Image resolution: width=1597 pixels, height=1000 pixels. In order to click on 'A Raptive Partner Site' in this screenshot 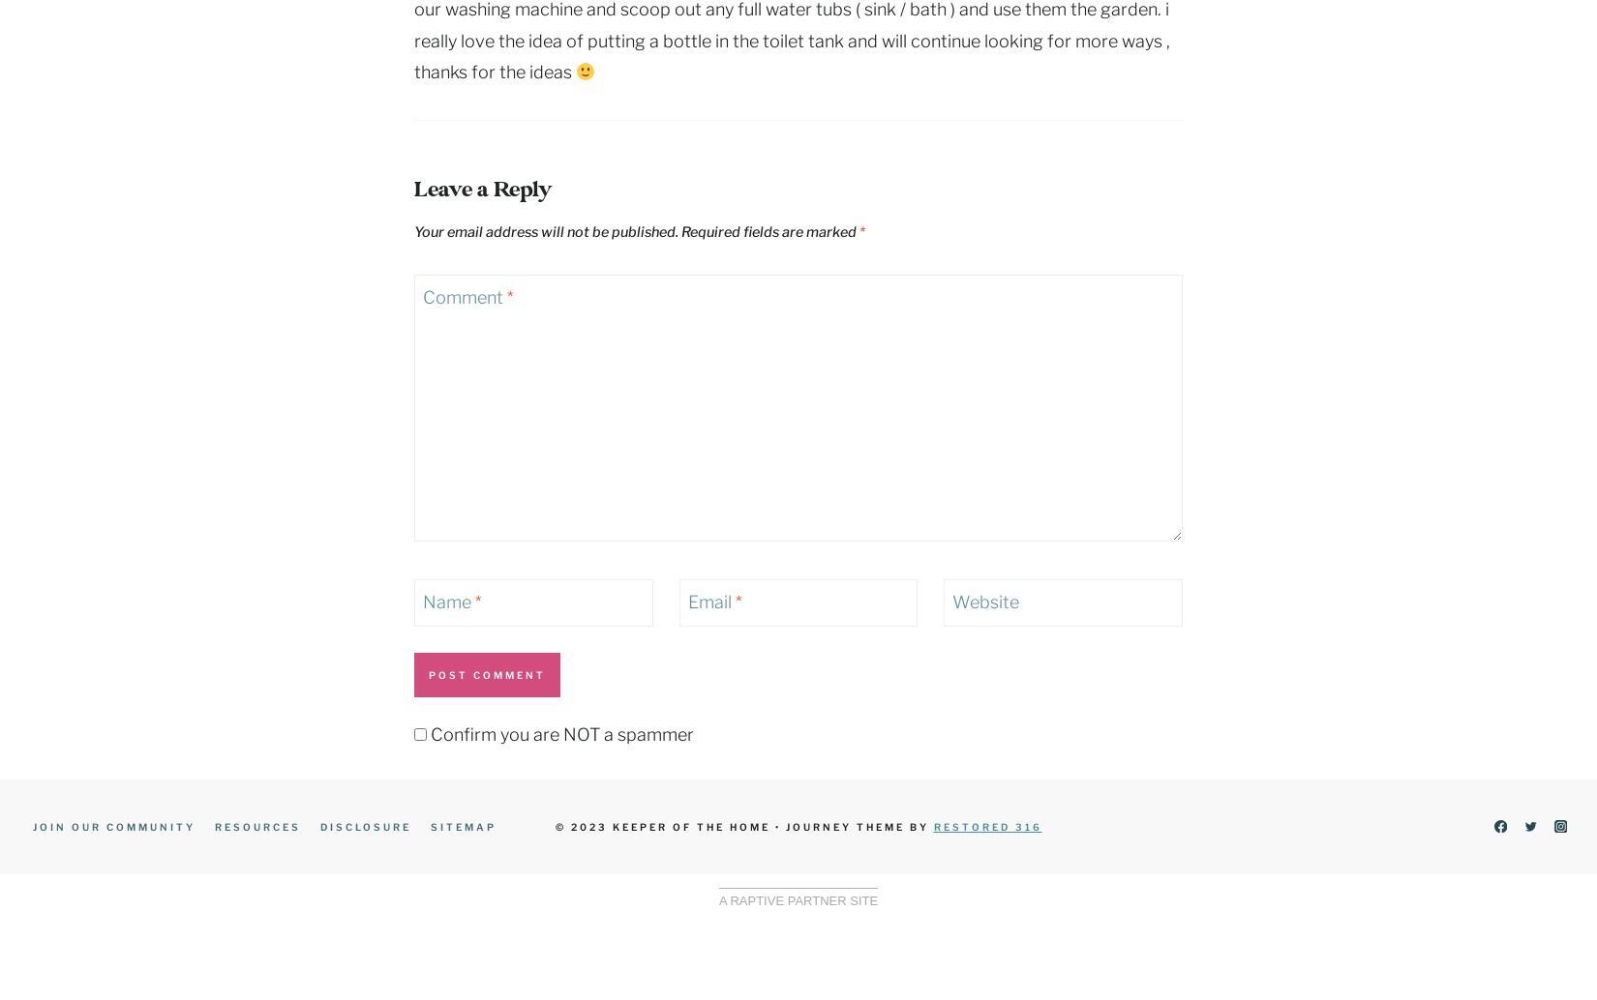, I will do `click(797, 898)`.